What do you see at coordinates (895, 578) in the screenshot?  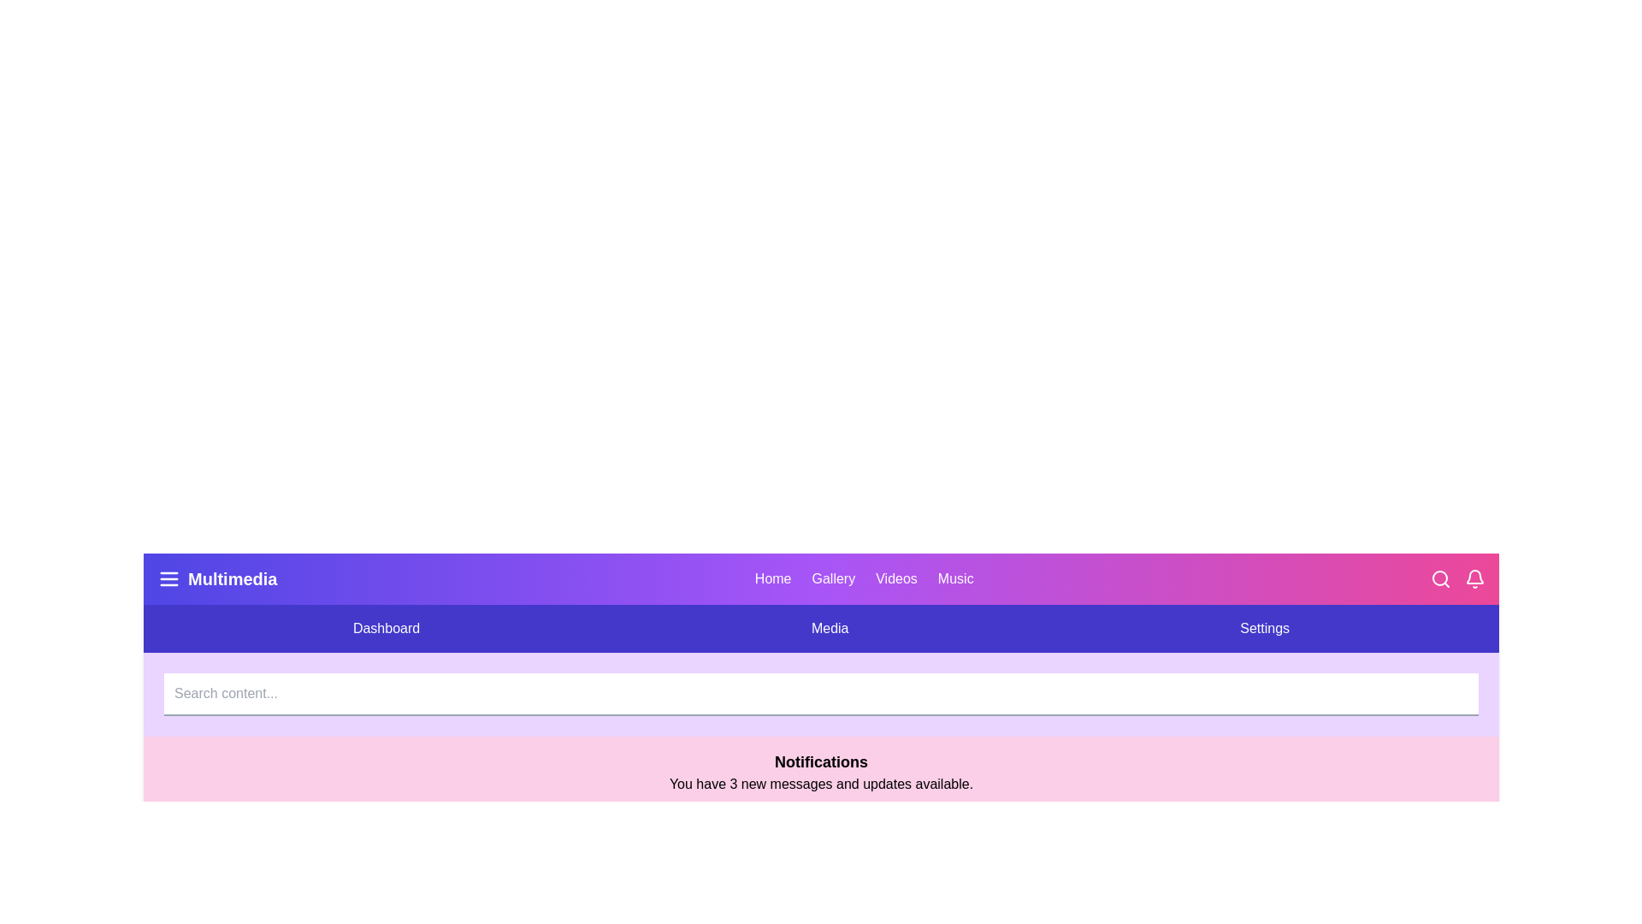 I see `the section labeled Videos in the navigation bar` at bounding box center [895, 578].